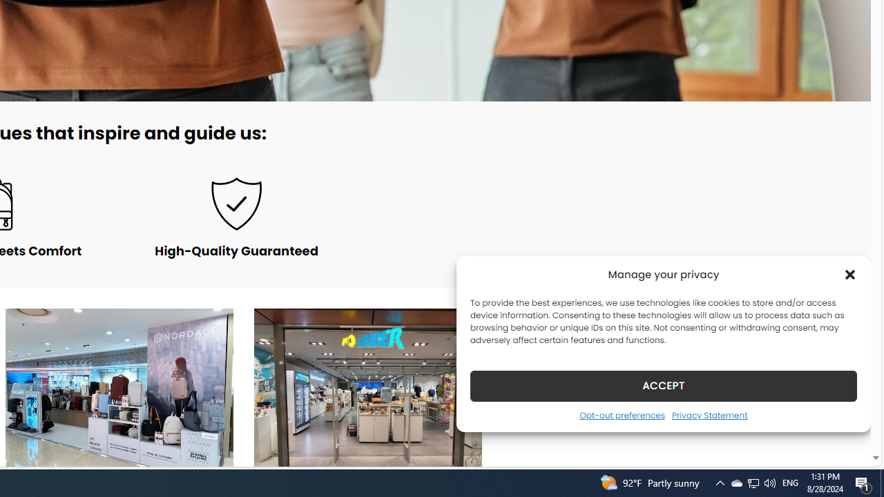  I want to click on 'Class: cmplz-close', so click(849, 274).